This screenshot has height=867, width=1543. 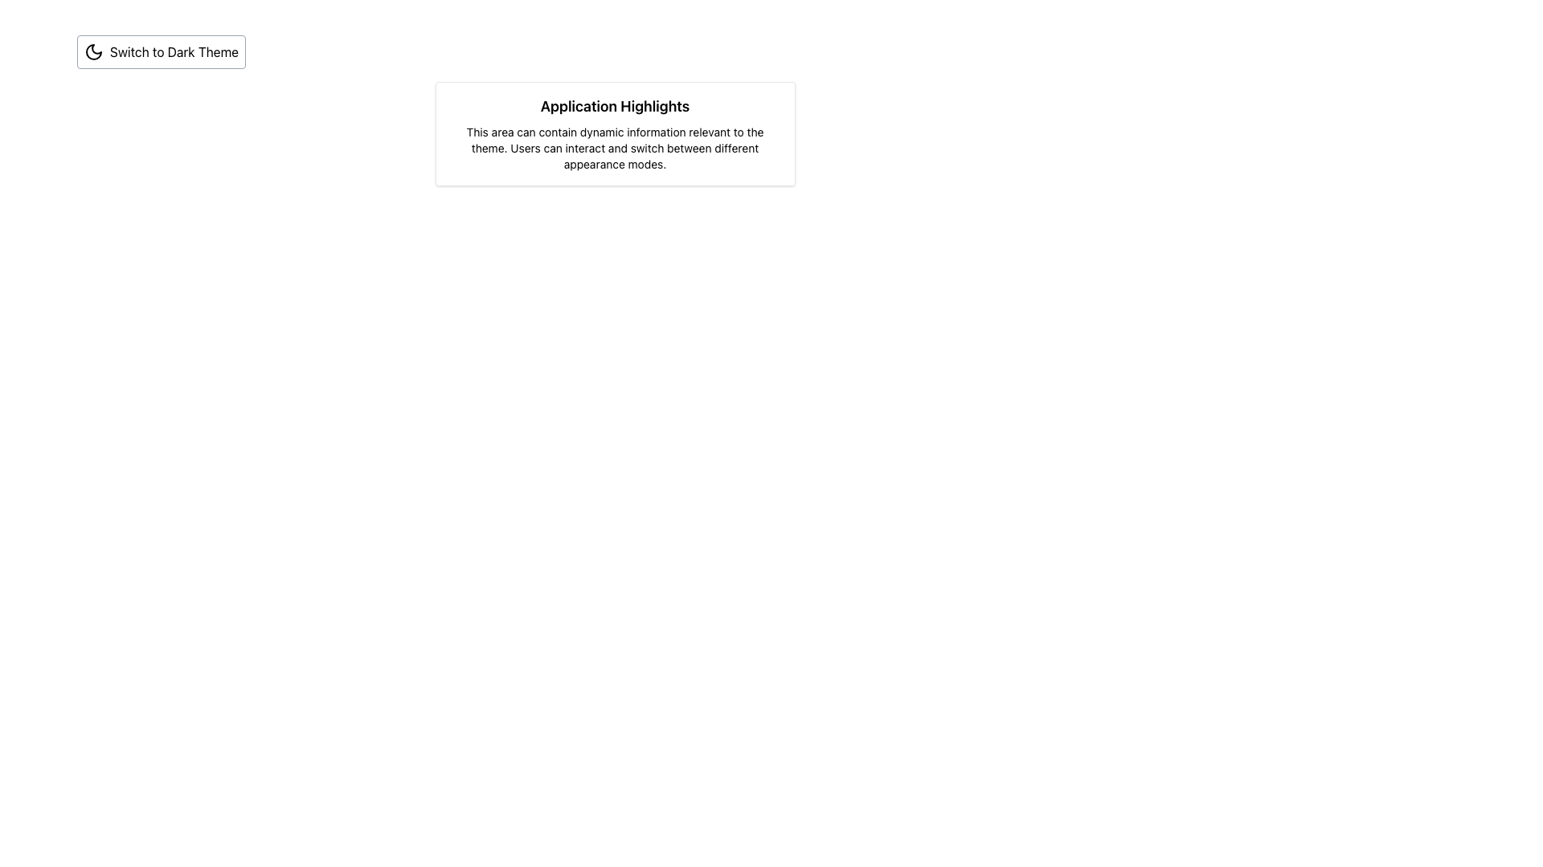 What do you see at coordinates (162, 51) in the screenshot?
I see `the dark theme toggle button located at the top left corner of the interface, above the 'Application Highlights' section` at bounding box center [162, 51].